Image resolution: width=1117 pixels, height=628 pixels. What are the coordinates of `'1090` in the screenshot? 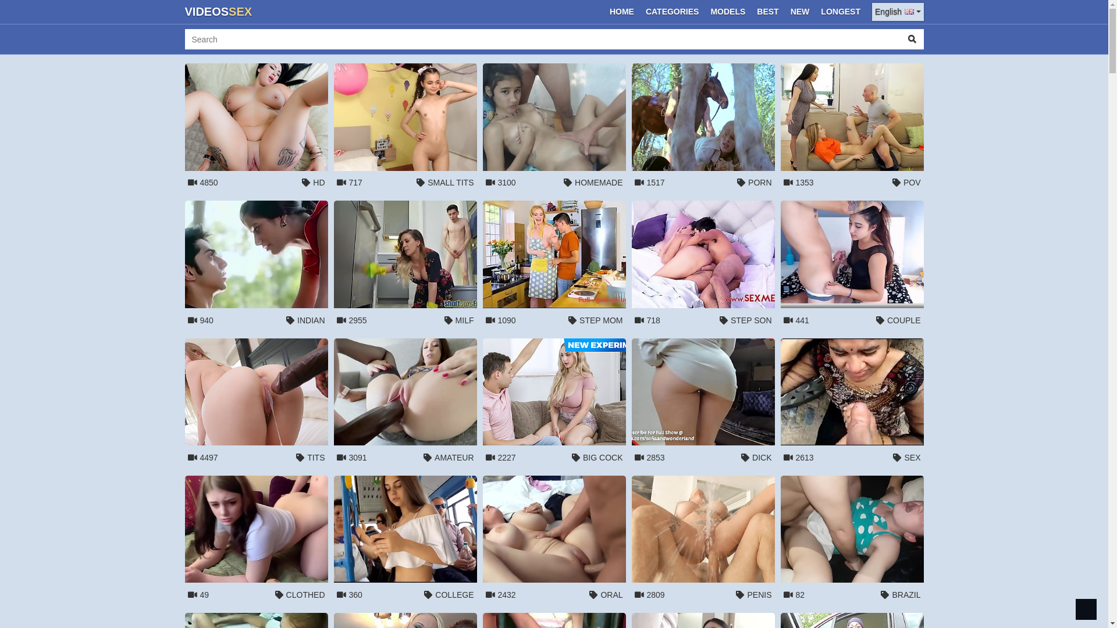 It's located at (554, 266).